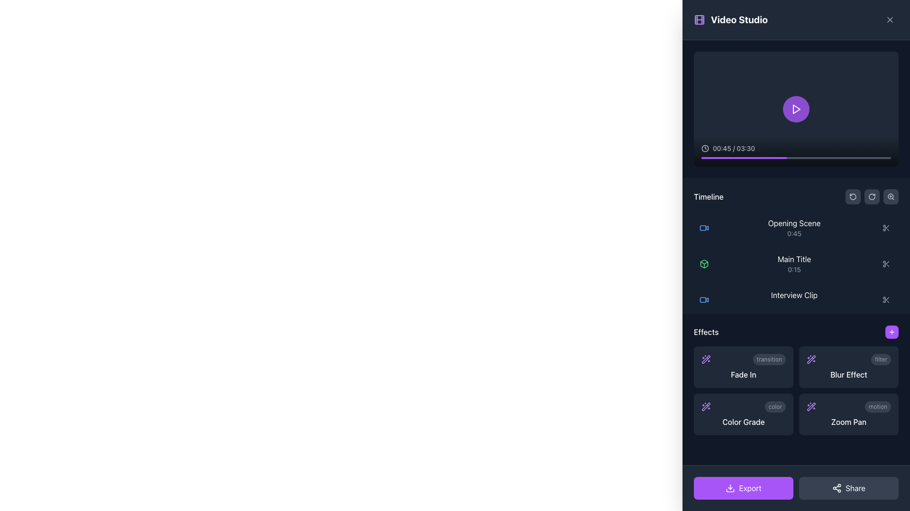  What do you see at coordinates (704, 264) in the screenshot?
I see `the green box icon in the timeline section of the video editing interface for selection` at bounding box center [704, 264].